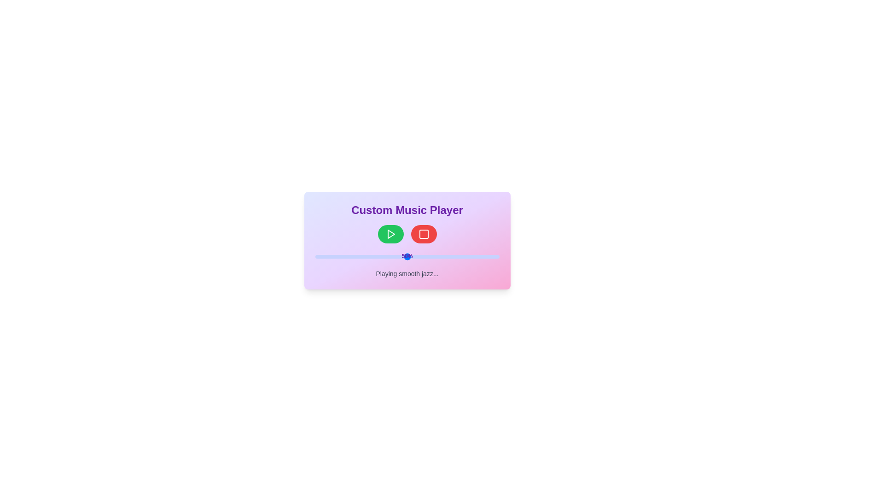 This screenshot has height=497, width=884. I want to click on the play button icon, which is an SVG inside a circular green background, located in the row of control buttons under the title 'Custom Music Player', so click(391, 234).